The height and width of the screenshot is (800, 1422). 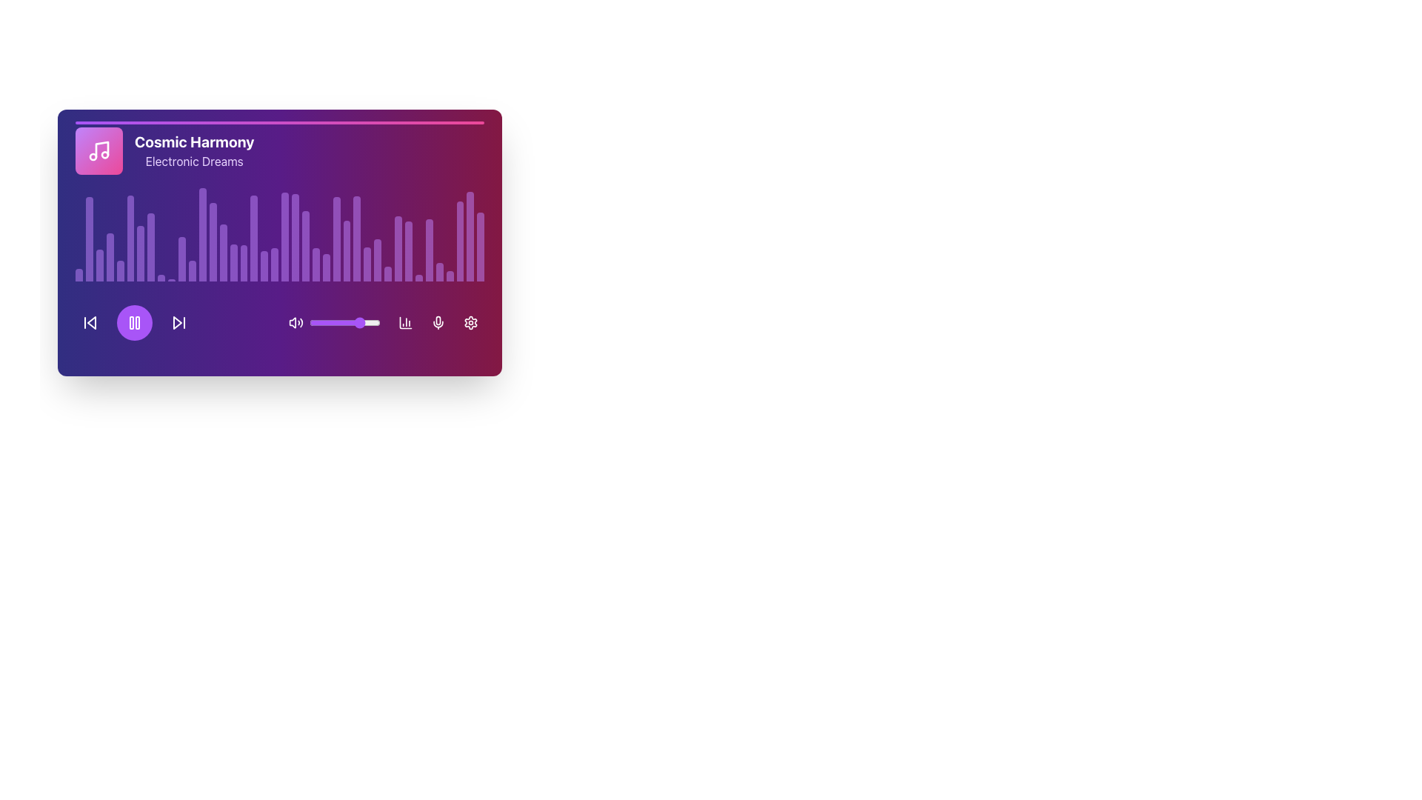 What do you see at coordinates (388, 274) in the screenshot?
I see `the 28th graphical visualization bar in the equalizer section of the interface` at bounding box center [388, 274].